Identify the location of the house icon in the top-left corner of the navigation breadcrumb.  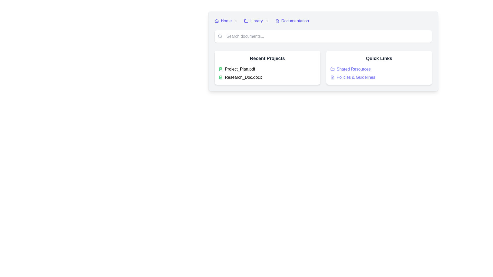
(217, 21).